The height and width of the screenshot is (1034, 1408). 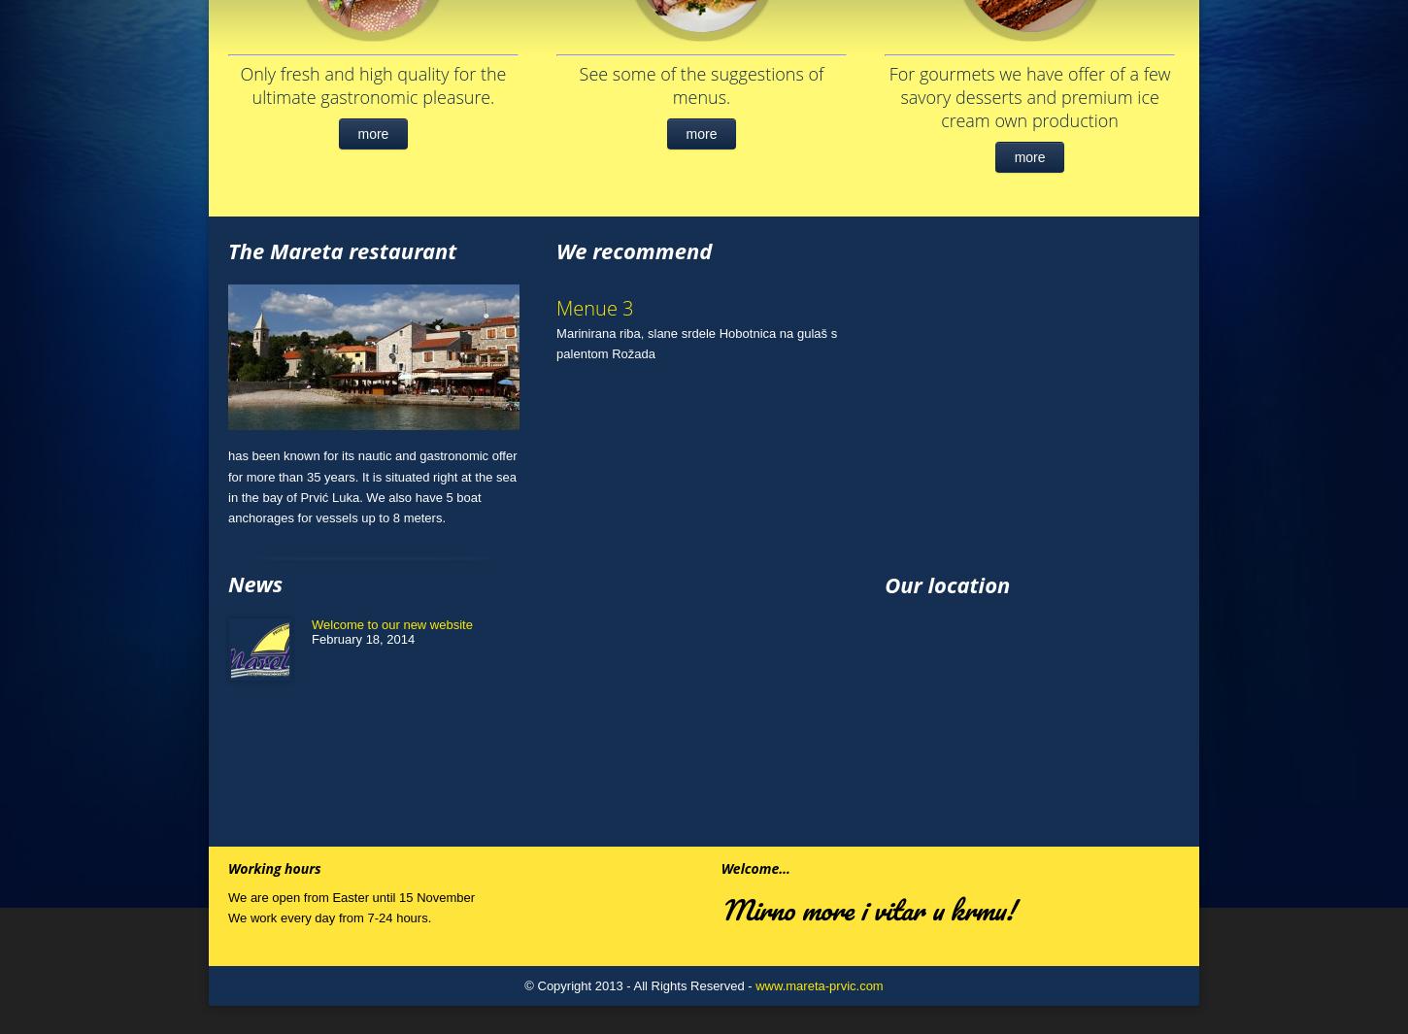 What do you see at coordinates (632, 250) in the screenshot?
I see `'We recommend'` at bounding box center [632, 250].